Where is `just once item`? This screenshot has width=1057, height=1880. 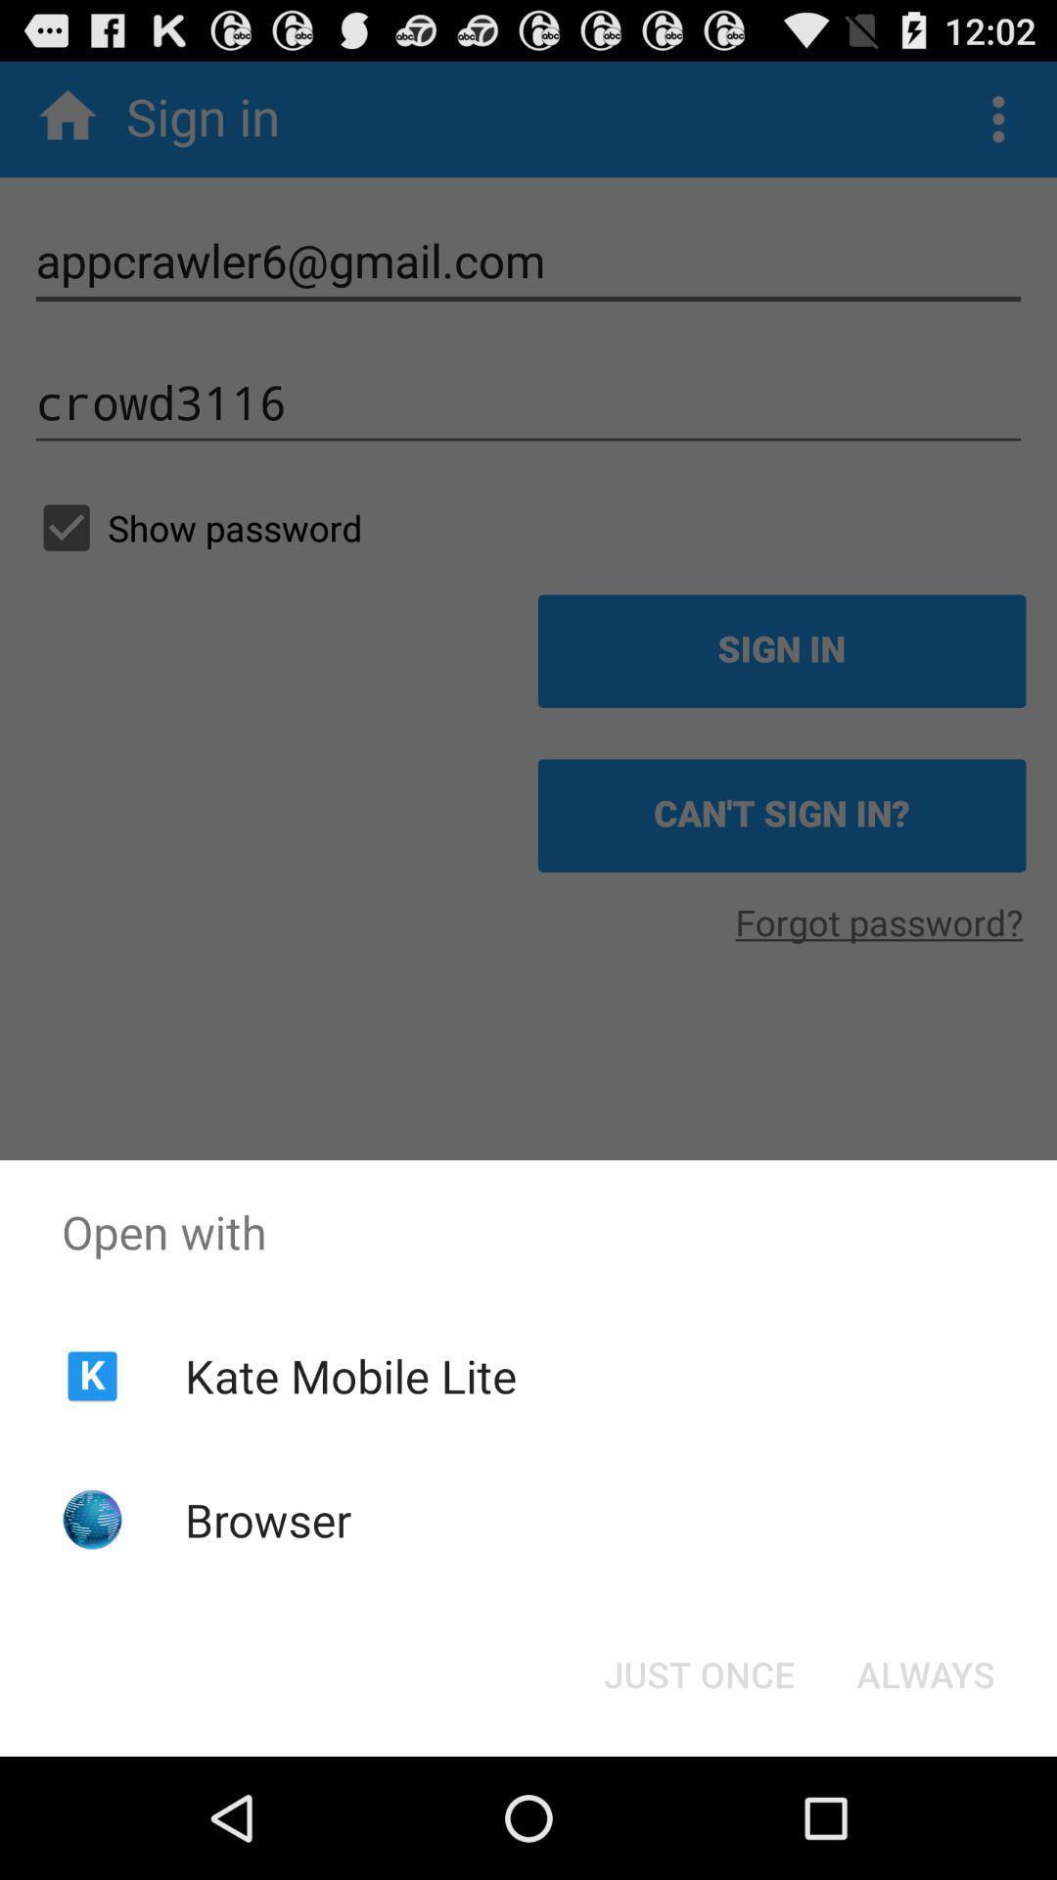
just once item is located at coordinates (698, 1672).